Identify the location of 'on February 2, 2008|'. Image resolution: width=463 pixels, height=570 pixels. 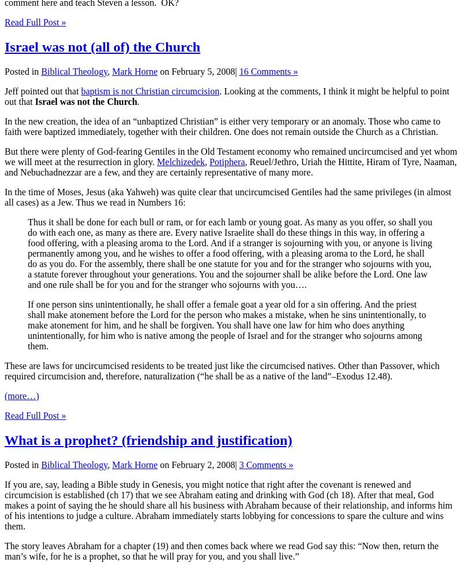
(198, 463).